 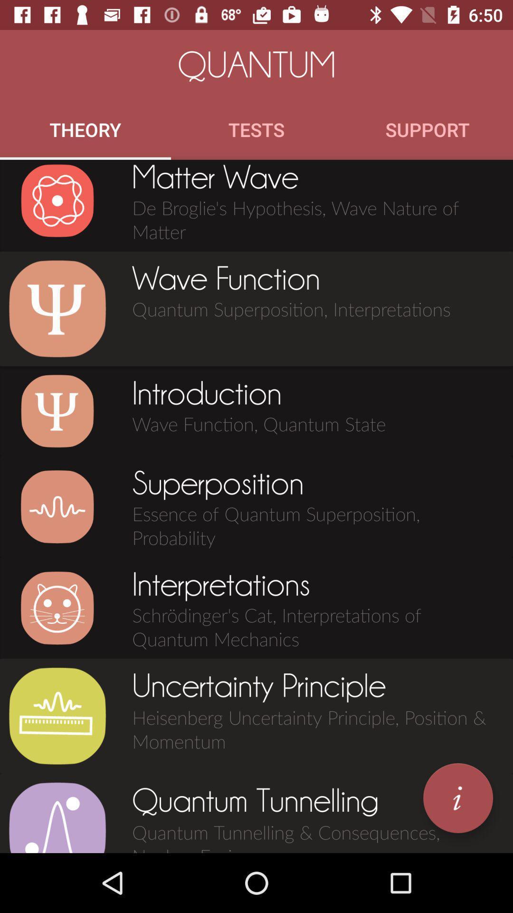 What do you see at coordinates (57, 816) in the screenshot?
I see `the icon next to quantum tunnelling icon` at bounding box center [57, 816].